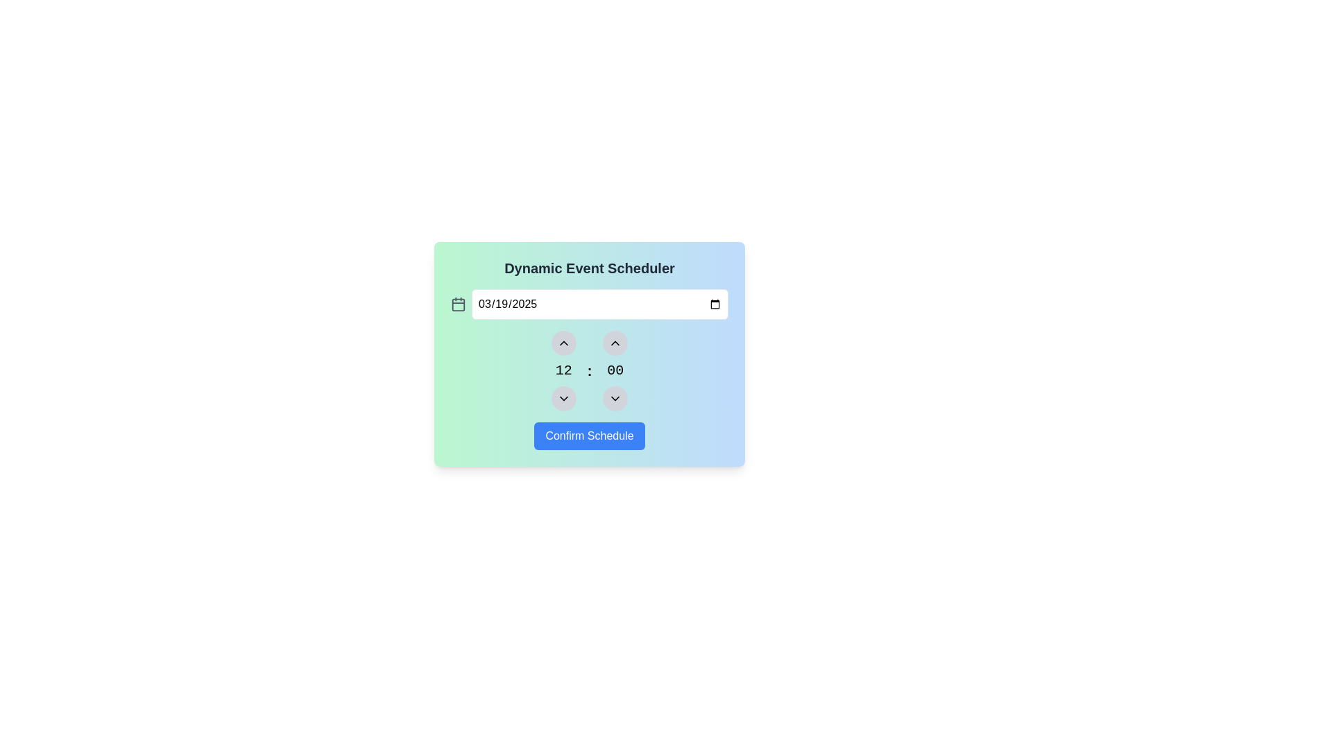  I want to click on the 'Confirm Schedule' button, which is a rounded rectangular button with a blue background and white text, located at the bottom-center of the 'Dynamic Event Scheduler' card, so click(589, 435).